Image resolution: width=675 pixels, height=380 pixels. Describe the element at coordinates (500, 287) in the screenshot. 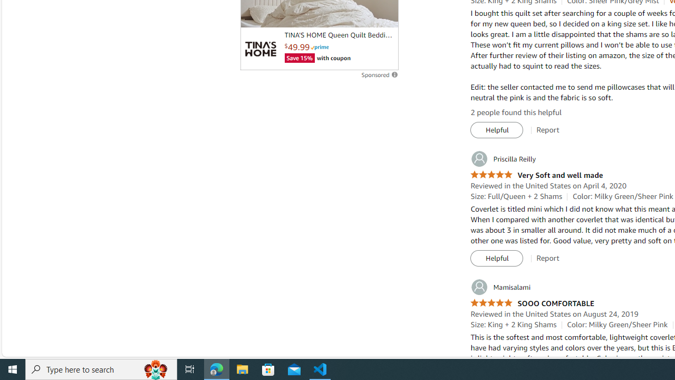

I see `'Mamisalami'` at that location.